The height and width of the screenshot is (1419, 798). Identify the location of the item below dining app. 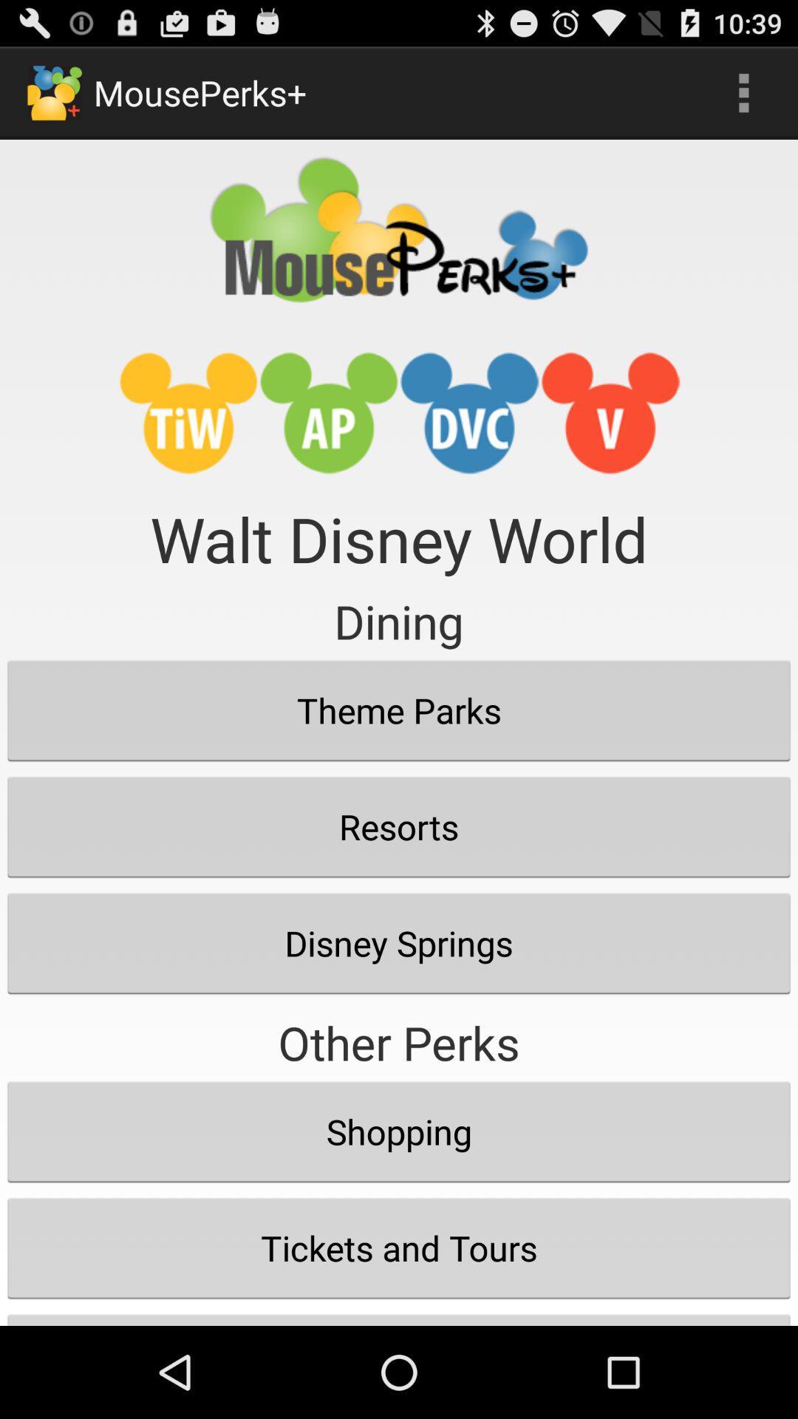
(399, 710).